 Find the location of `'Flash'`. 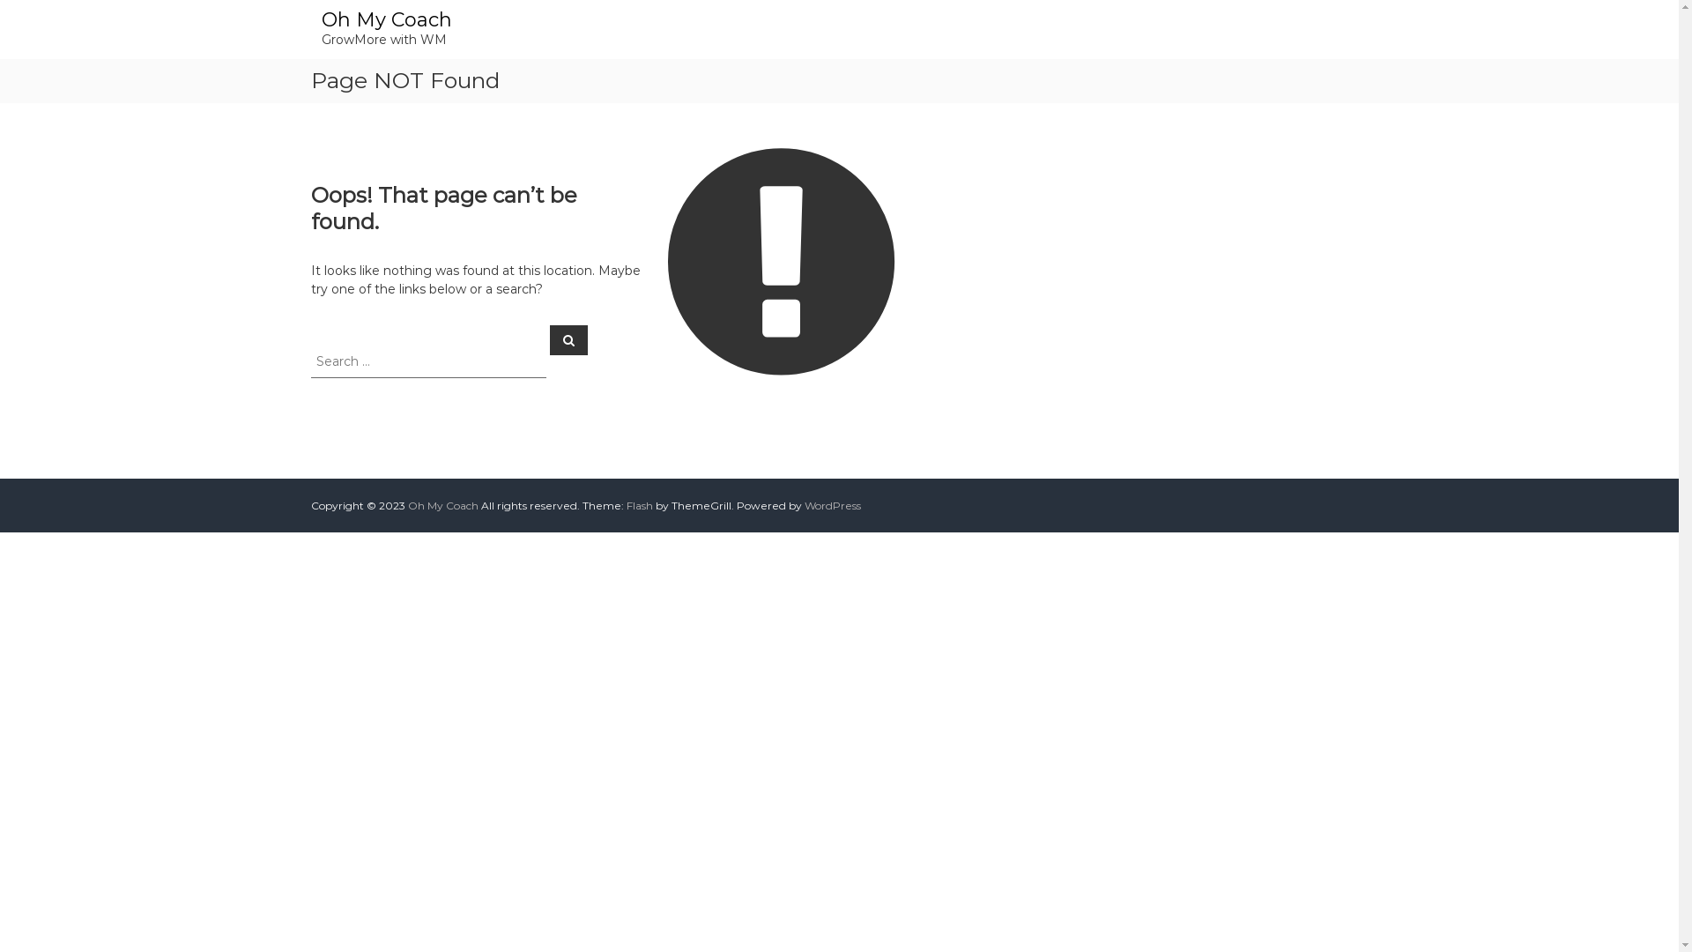

'Flash' is located at coordinates (637, 505).